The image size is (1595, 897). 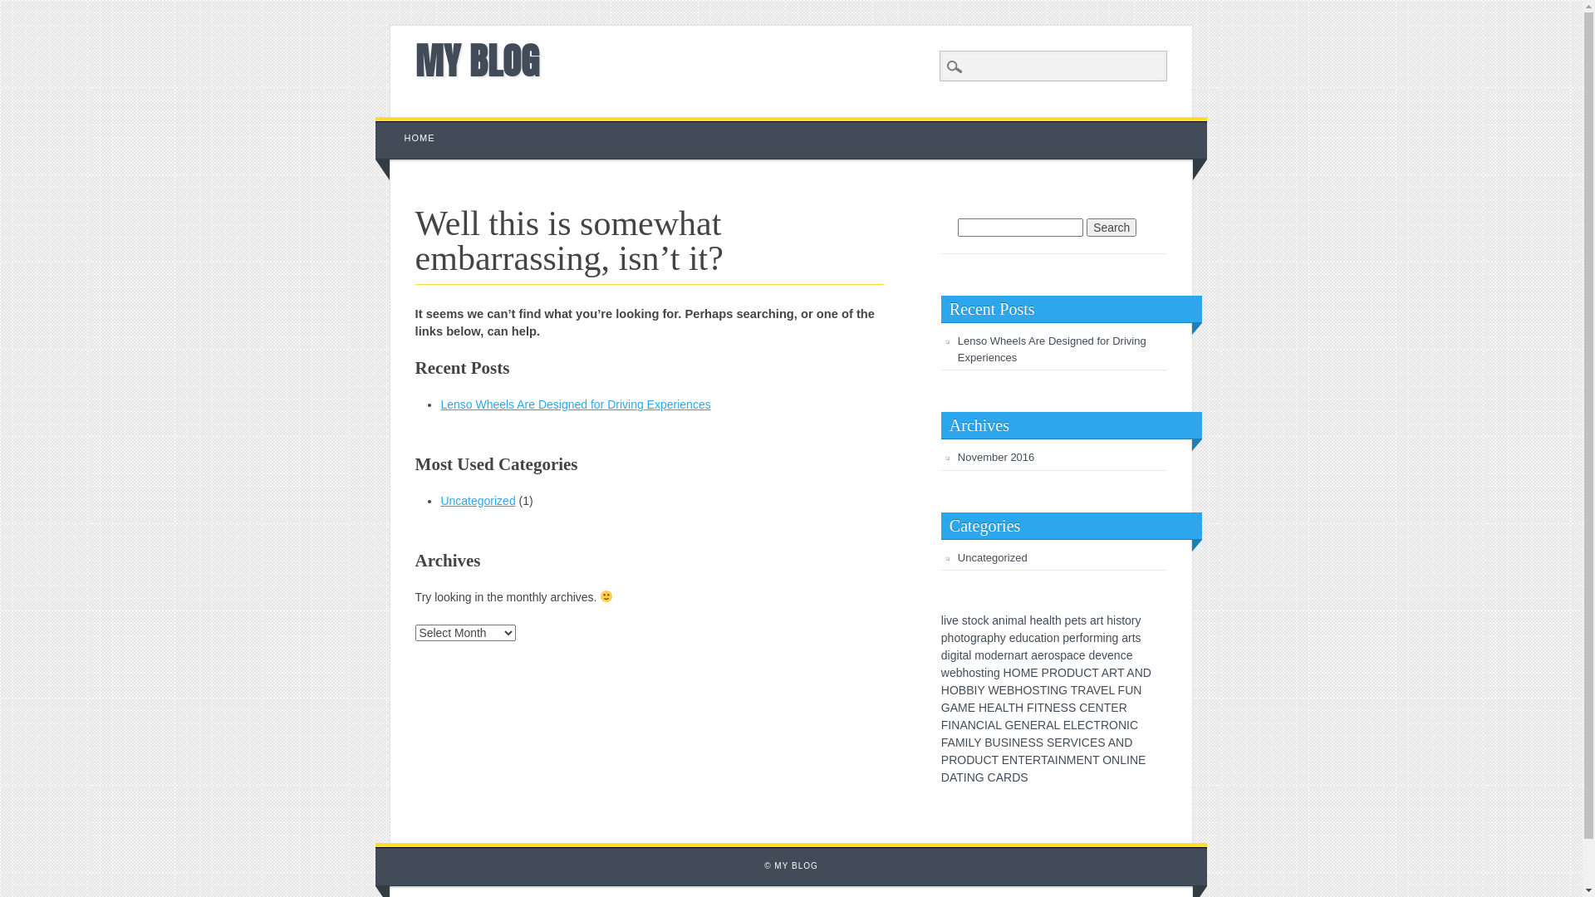 What do you see at coordinates (1048, 708) in the screenshot?
I see `'N'` at bounding box center [1048, 708].